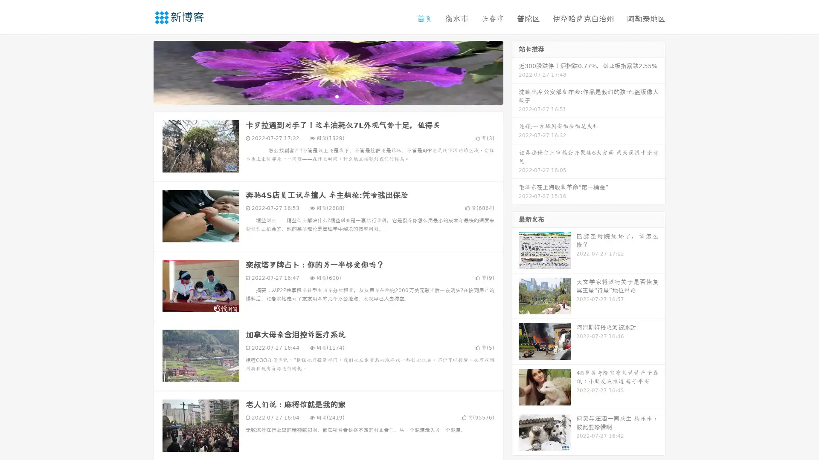 This screenshot has width=819, height=460. I want to click on Previous slide, so click(141, 72).